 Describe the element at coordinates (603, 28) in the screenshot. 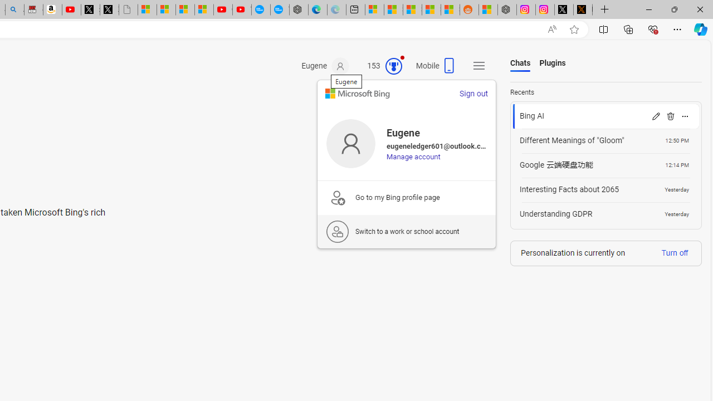

I see `'Split screen'` at that location.